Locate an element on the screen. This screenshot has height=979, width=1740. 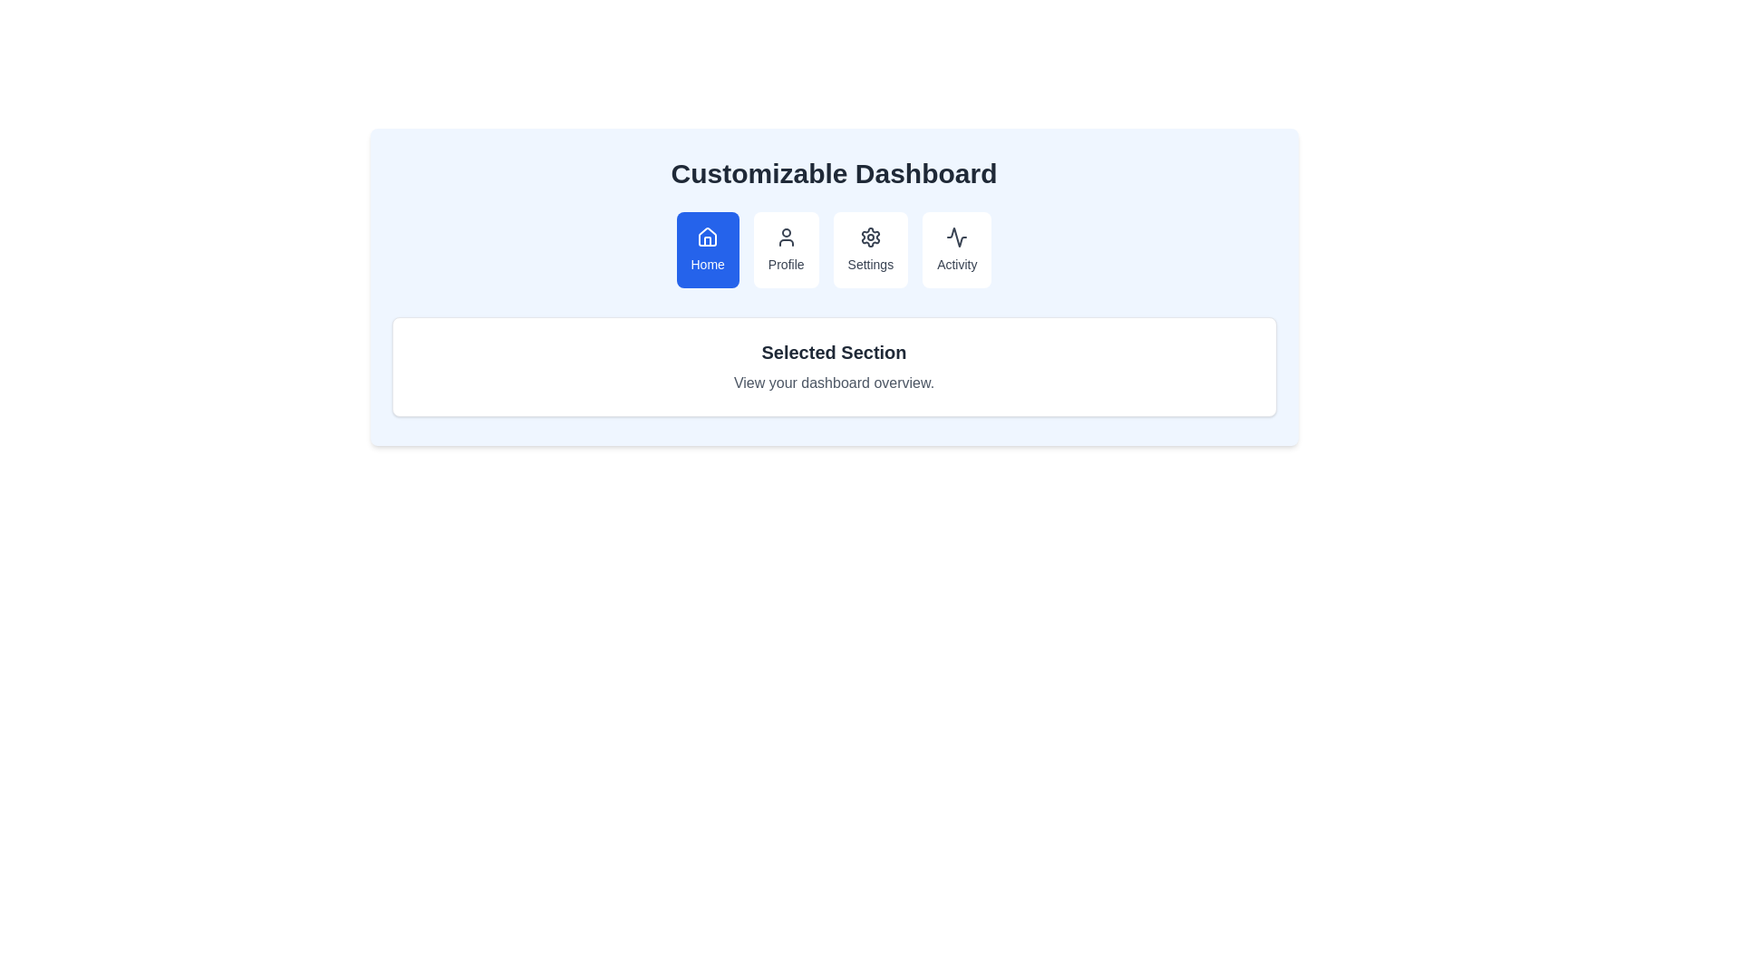
the user profile icon located in the header's second button from the left, labeled 'Profile' is located at coordinates (786, 237).